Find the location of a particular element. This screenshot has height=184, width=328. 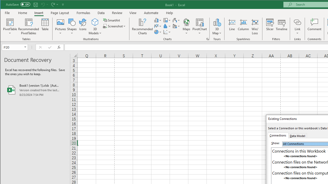

'3D Map' is located at coordinates (217, 22).